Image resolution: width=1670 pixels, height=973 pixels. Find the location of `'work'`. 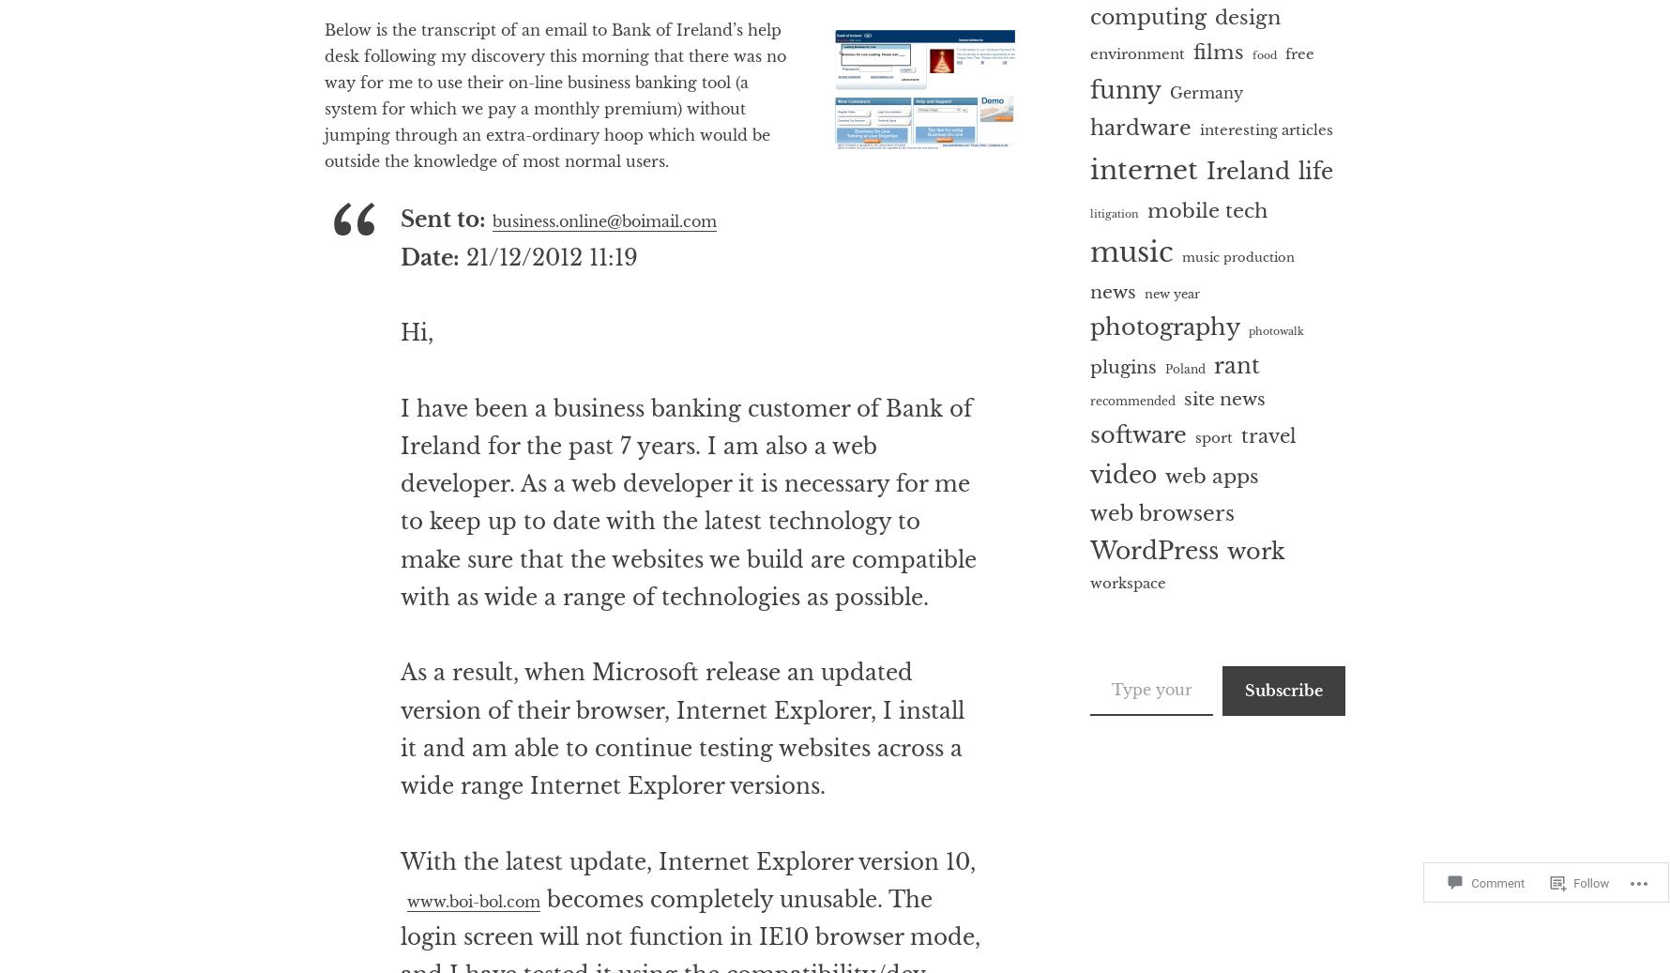

'work' is located at coordinates (1255, 551).